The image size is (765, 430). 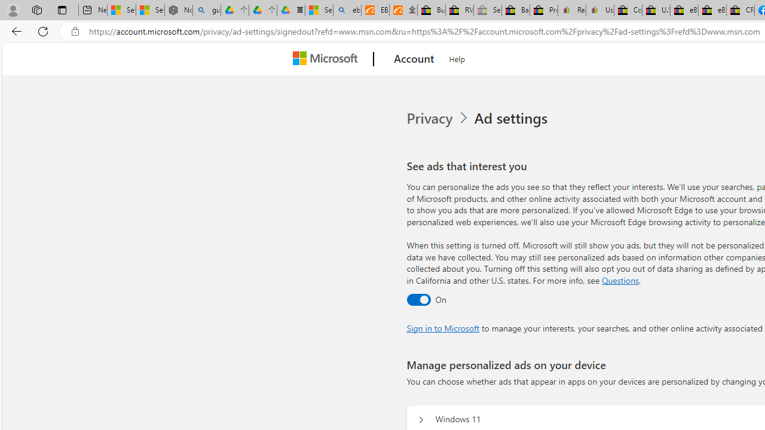 I want to click on 'Manage personalized ads on your device Windows 11', so click(x=421, y=419).